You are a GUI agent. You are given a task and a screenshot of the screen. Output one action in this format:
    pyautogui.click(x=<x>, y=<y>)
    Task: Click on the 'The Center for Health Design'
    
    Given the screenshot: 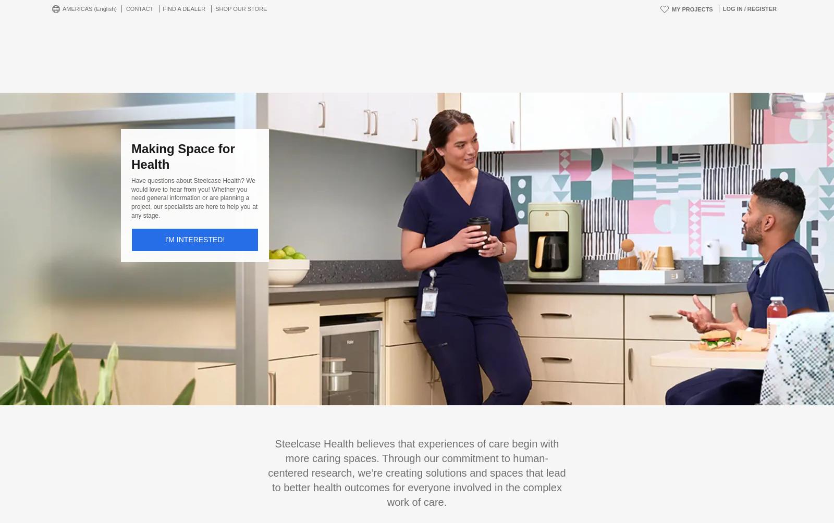 What is the action you would take?
    pyautogui.click(x=415, y=506)
    